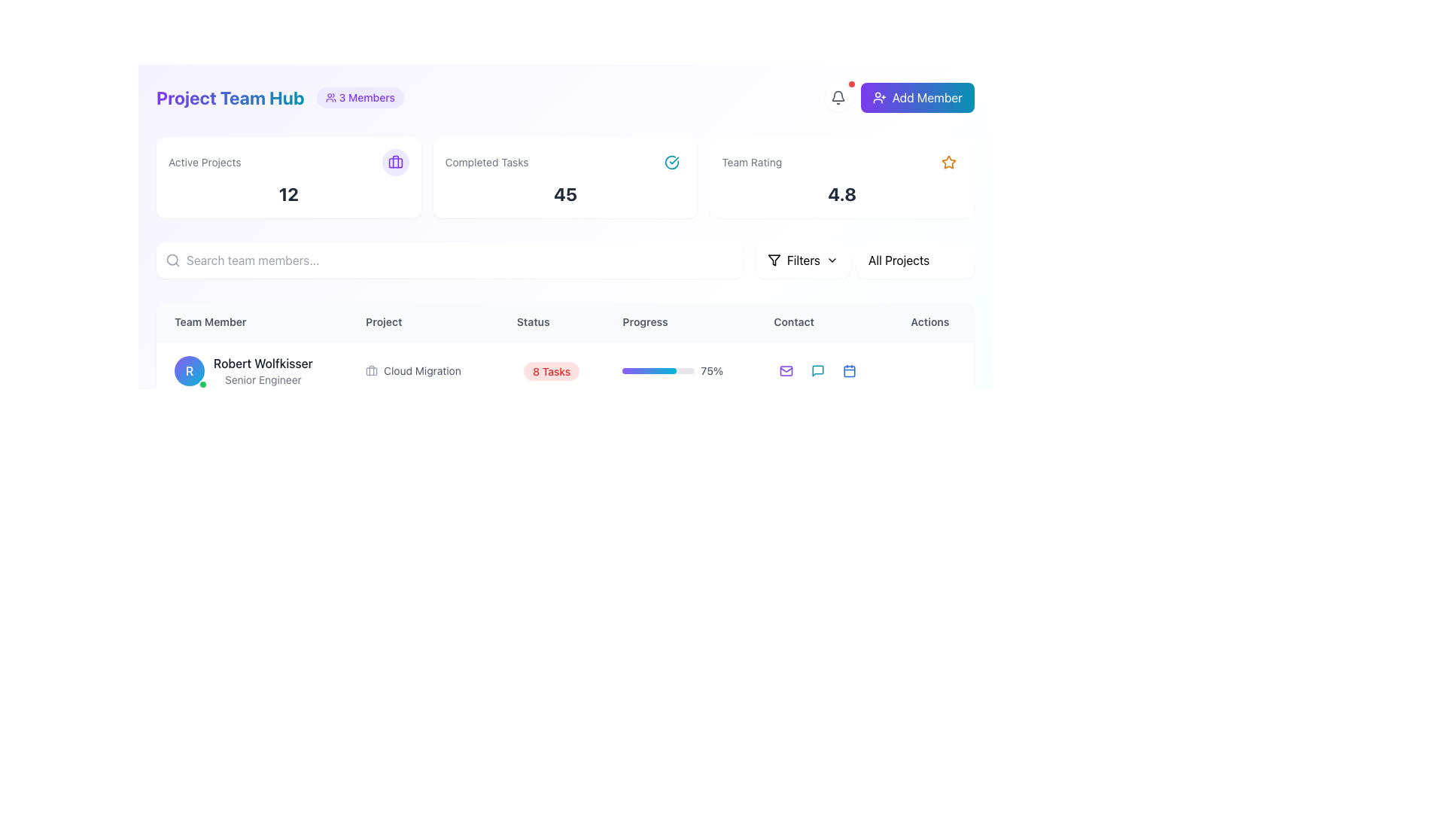  Describe the element at coordinates (487, 163) in the screenshot. I see `the text label displaying 'Completed Tasks', which is styled with a small font size and gray color, positioned to the left of the numerical value '45' and a circular button` at that location.